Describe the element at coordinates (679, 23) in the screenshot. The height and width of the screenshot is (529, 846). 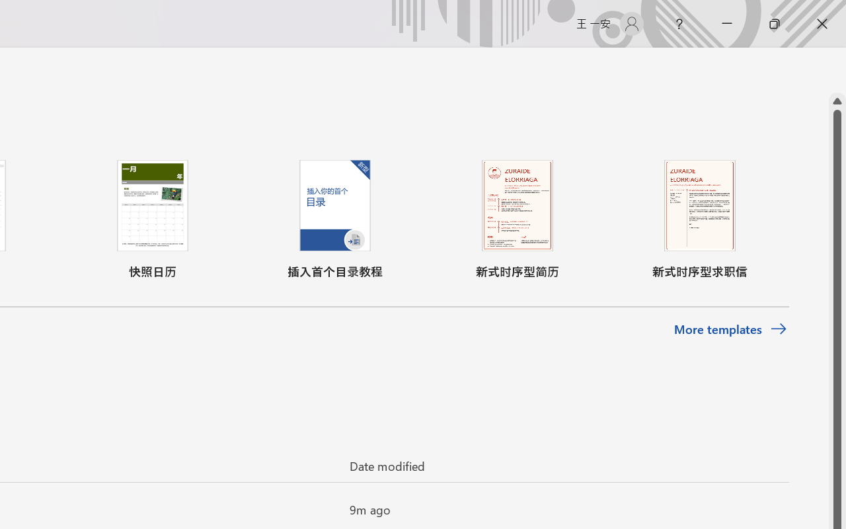
I see `'Help'` at that location.